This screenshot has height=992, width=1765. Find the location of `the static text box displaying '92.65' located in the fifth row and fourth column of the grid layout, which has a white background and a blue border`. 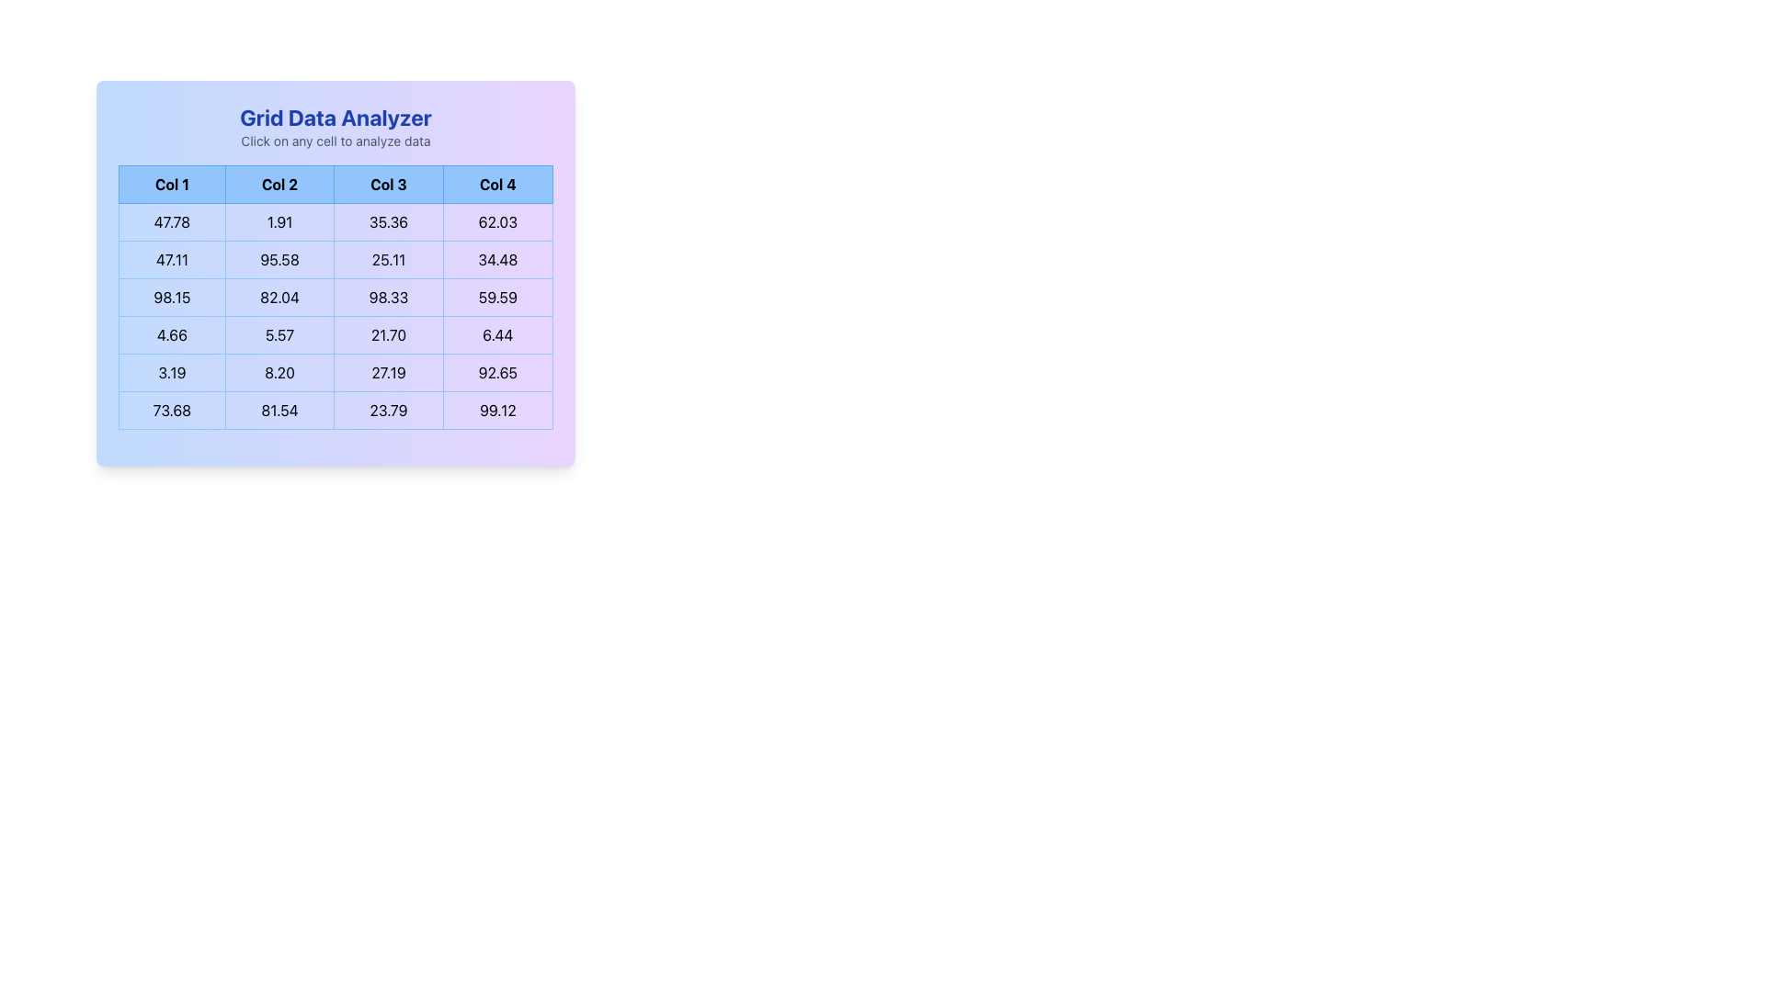

the static text box displaying '92.65' located in the fifth row and fourth column of the grid layout, which has a white background and a blue border is located at coordinates (497, 372).